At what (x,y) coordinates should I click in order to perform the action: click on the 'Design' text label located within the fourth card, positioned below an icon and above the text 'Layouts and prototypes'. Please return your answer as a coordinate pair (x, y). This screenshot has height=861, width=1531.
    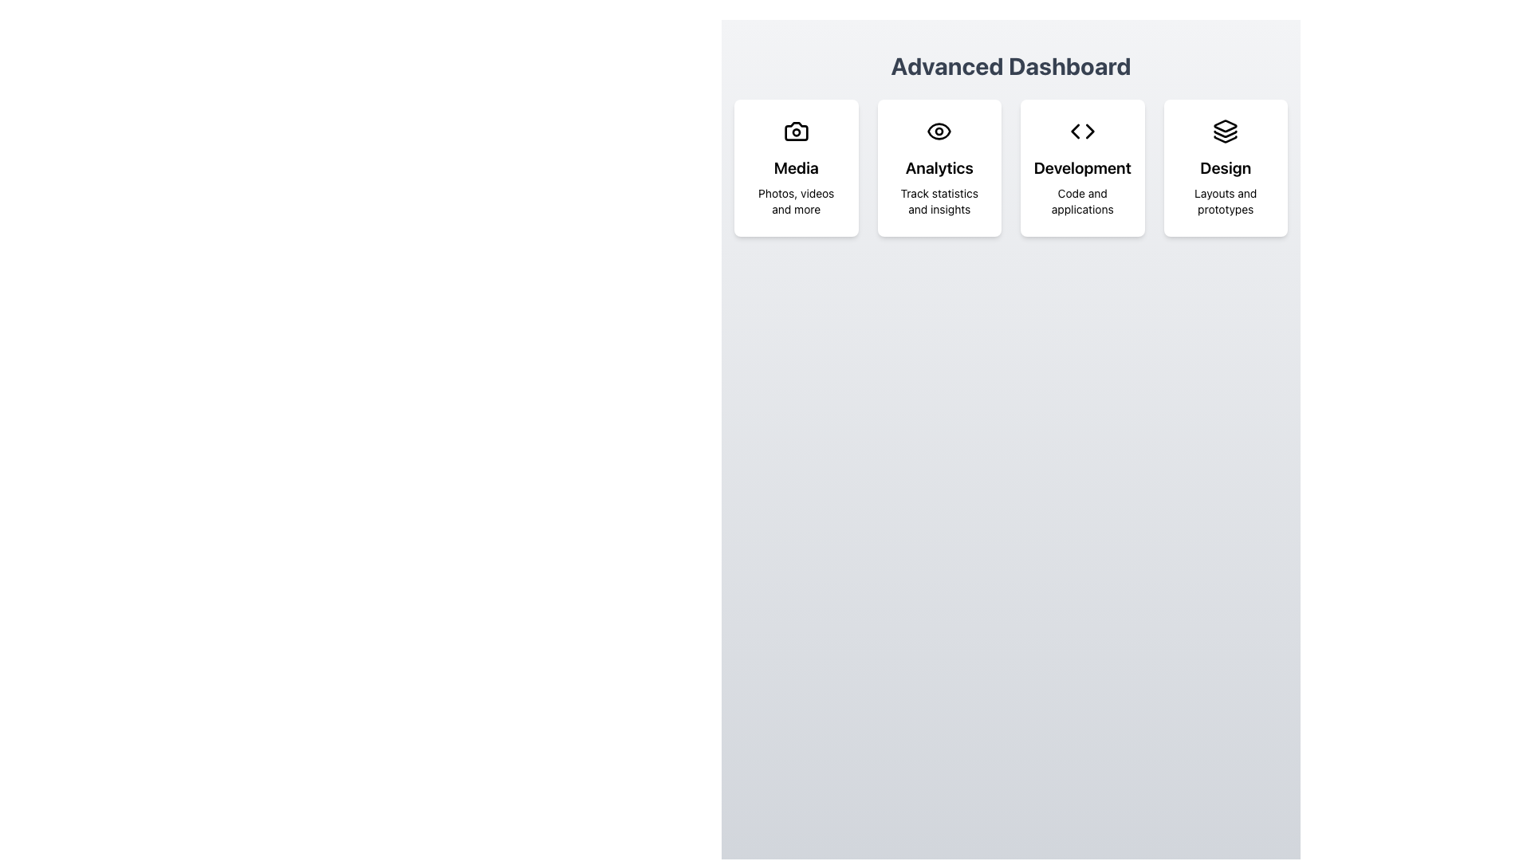
    Looking at the image, I should click on (1225, 168).